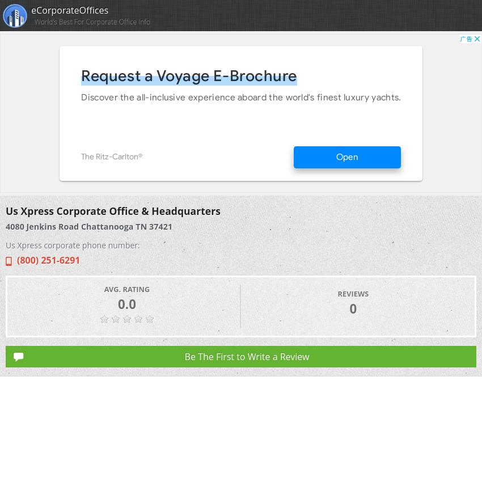 Image resolution: width=482 pixels, height=478 pixels. I want to click on 'Avg. Rating', so click(126, 289).